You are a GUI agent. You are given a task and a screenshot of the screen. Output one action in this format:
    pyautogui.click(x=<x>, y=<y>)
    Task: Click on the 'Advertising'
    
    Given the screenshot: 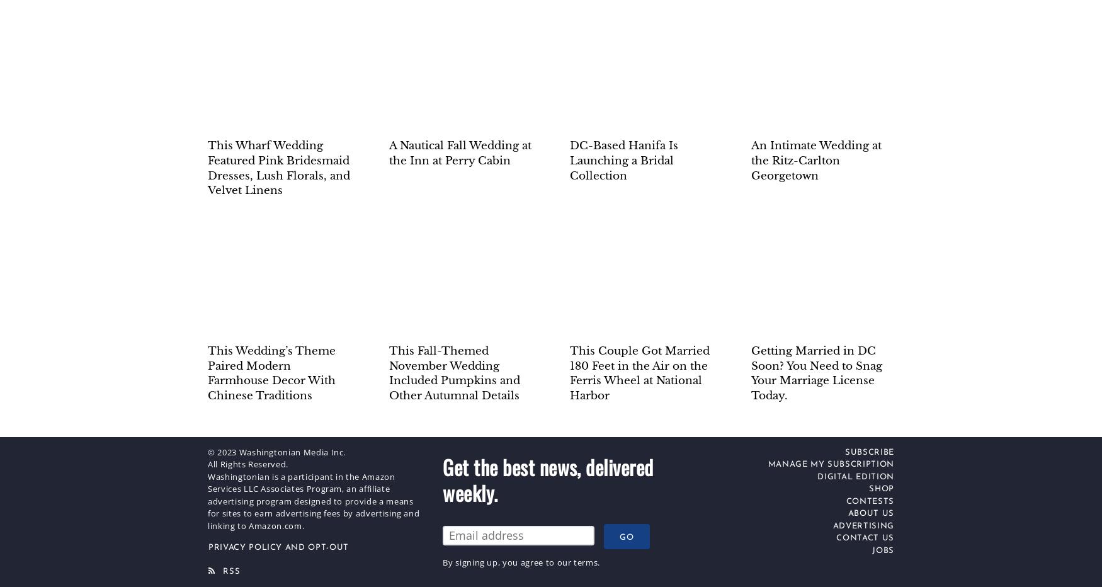 What is the action you would take?
    pyautogui.click(x=832, y=525)
    